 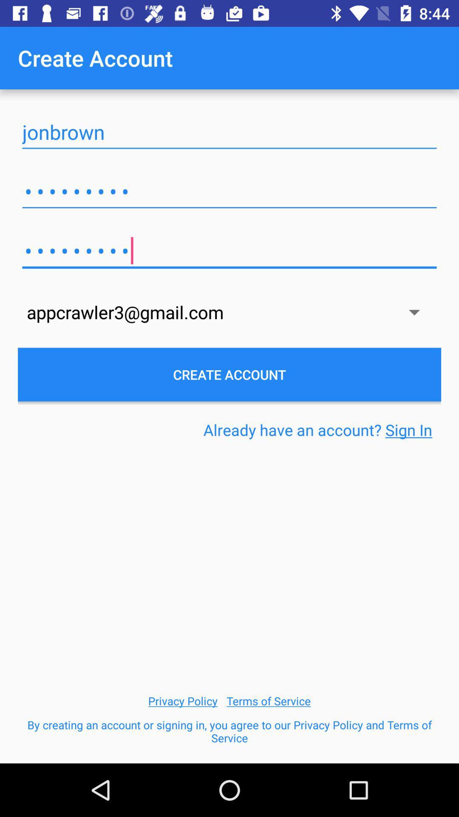 What do you see at coordinates (317, 430) in the screenshot?
I see `icon above privacy policy` at bounding box center [317, 430].